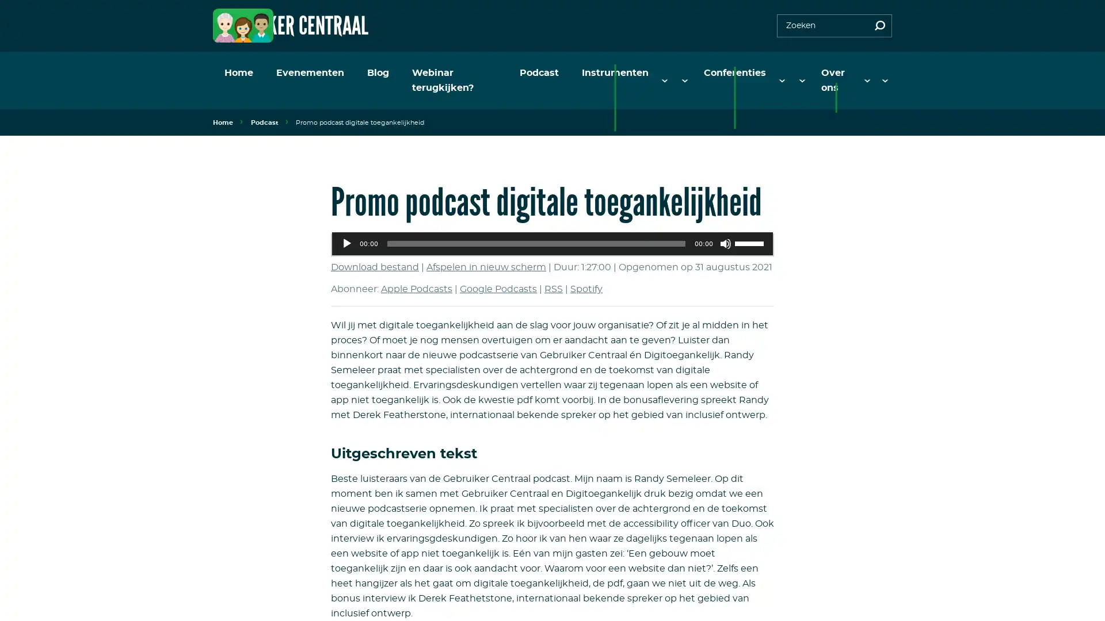 The width and height of the screenshot is (1105, 621). What do you see at coordinates (346, 228) in the screenshot?
I see `Afspelen` at bounding box center [346, 228].